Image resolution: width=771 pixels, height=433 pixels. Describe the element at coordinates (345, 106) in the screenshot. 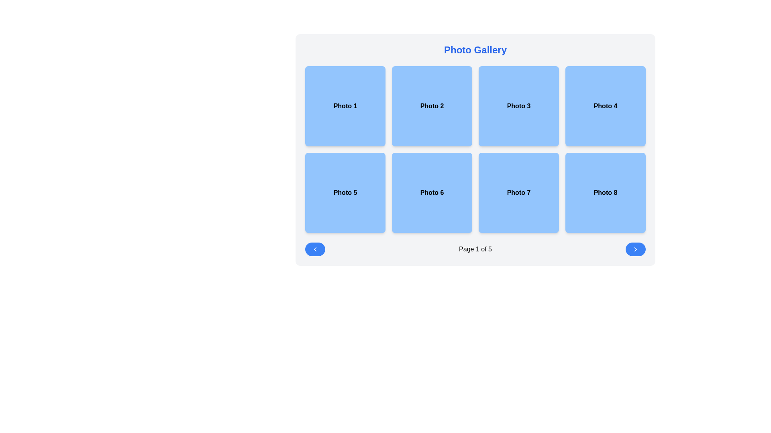

I see `the square tile with a light blue background, rounded corners, and centered bold black text reading 'Photo 1'` at that location.